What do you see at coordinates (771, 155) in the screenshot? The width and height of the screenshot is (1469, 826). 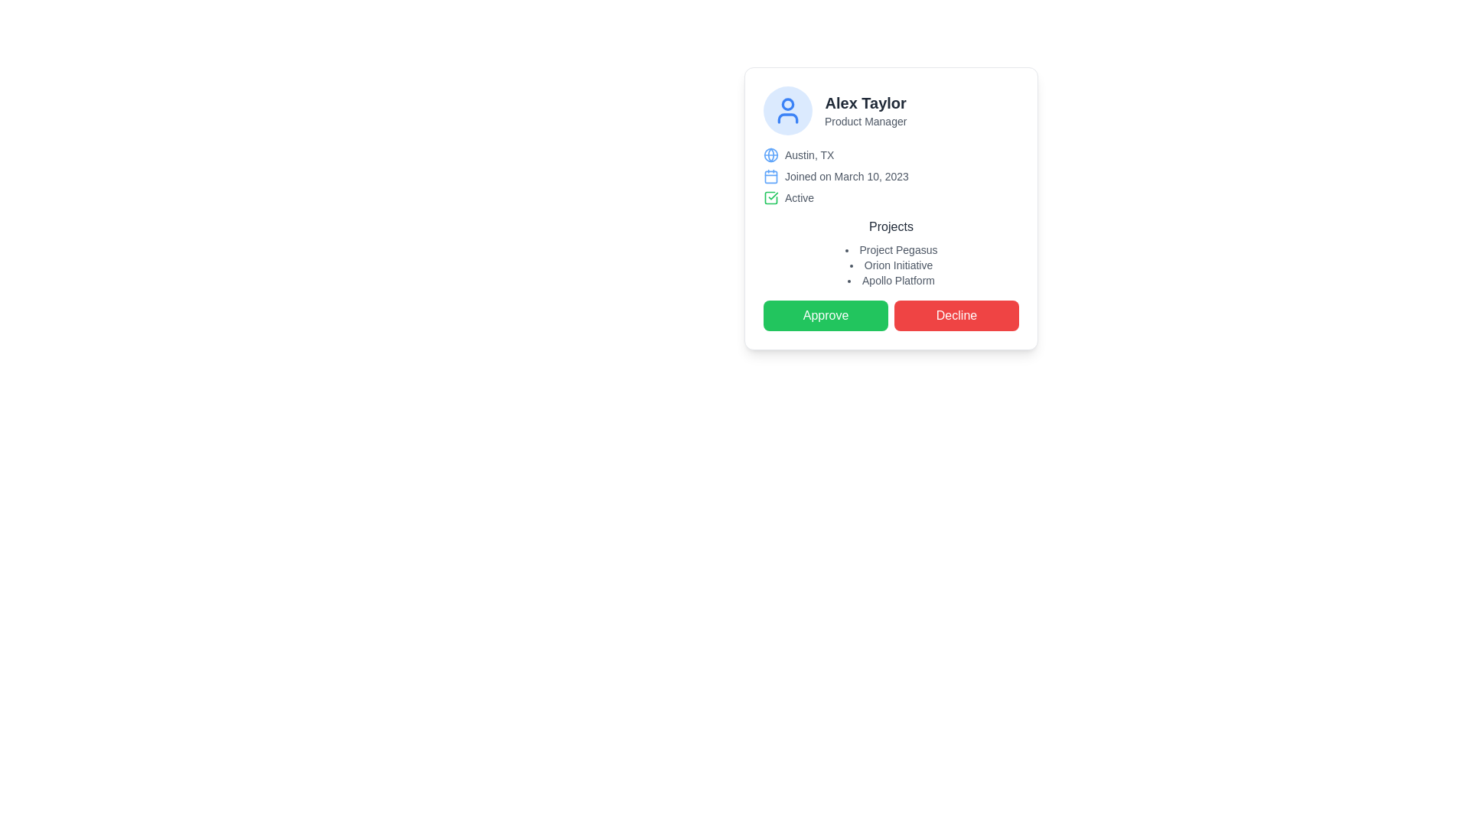 I see `the decorative icon to the left of the text 'Austin, TX', which represents a geographical context` at bounding box center [771, 155].